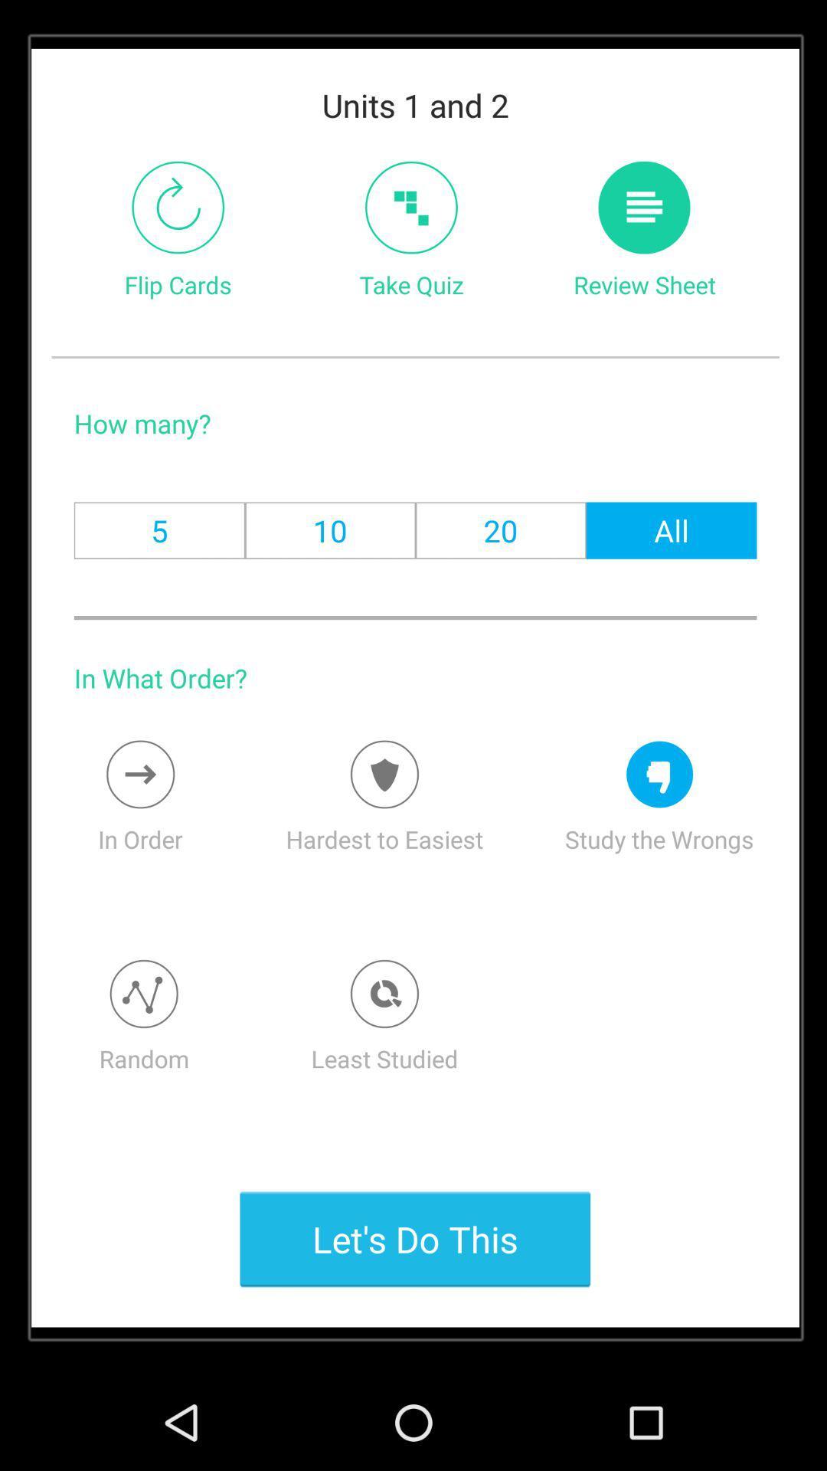  I want to click on the icon next to take quiz icon, so click(644, 207).